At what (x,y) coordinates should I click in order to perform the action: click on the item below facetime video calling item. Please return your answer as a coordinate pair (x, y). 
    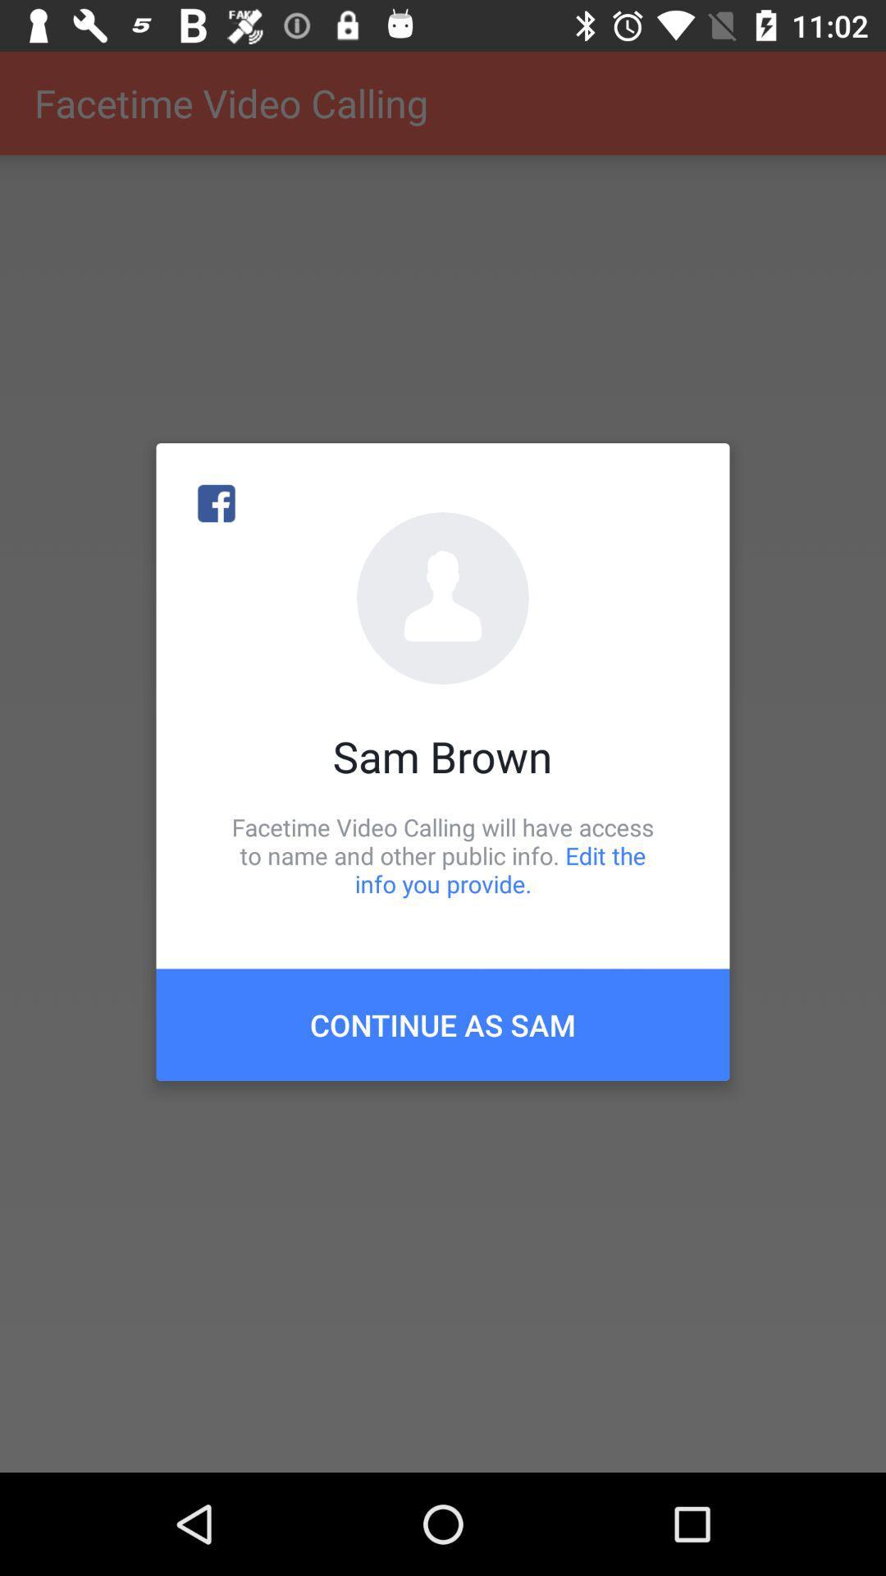
    Looking at the image, I should click on (443, 1024).